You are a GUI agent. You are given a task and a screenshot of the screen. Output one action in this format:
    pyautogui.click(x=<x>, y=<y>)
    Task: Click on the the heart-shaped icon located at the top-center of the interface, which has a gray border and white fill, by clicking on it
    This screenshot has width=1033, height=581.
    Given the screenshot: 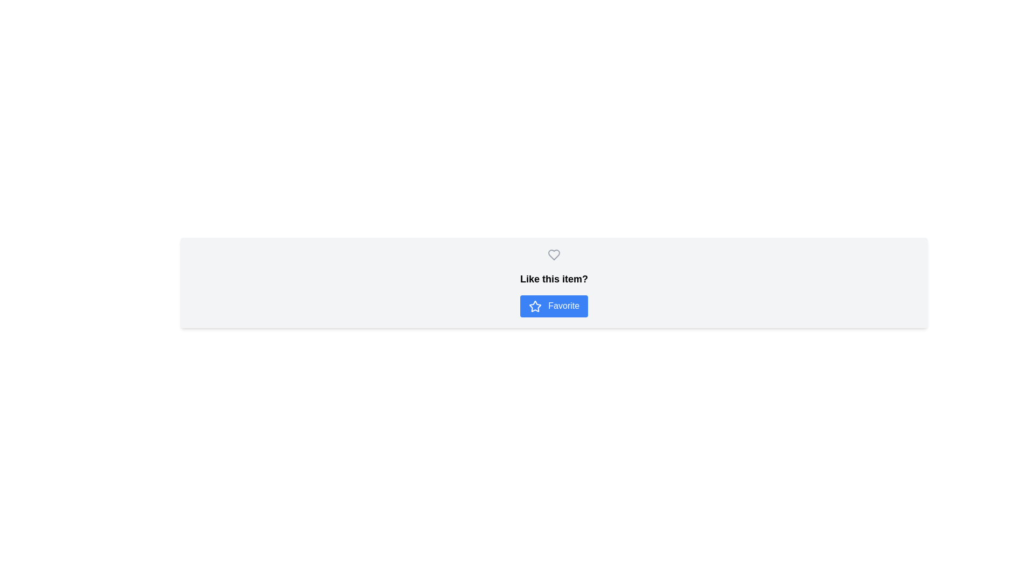 What is the action you would take?
    pyautogui.click(x=554, y=257)
    